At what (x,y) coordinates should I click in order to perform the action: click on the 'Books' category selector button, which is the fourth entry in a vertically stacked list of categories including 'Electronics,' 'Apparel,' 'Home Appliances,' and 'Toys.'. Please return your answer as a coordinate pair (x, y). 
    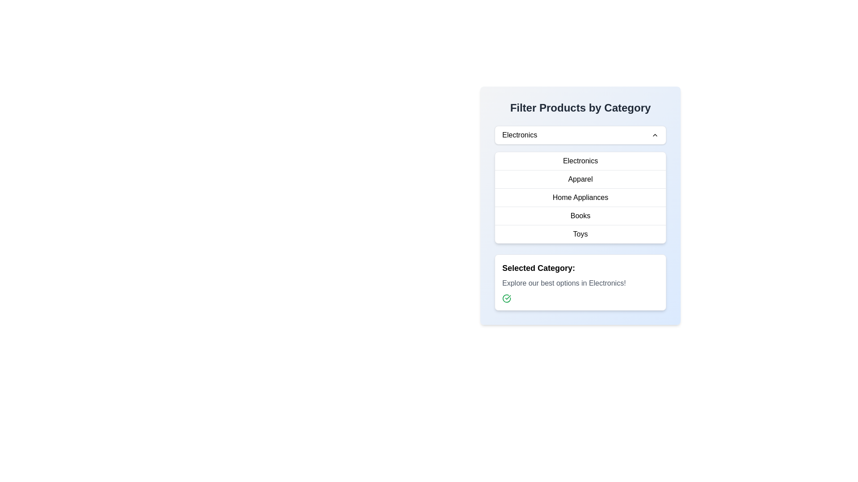
    Looking at the image, I should click on (580, 216).